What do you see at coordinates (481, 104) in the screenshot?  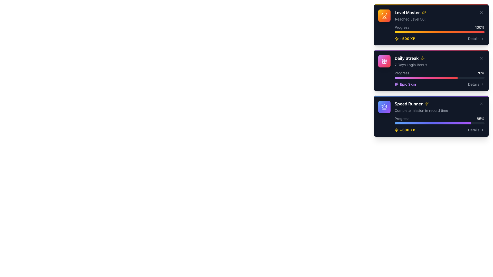 I see `the small, round button with a dark background and white 'X' icon located at the top-right corner of the 'Speed Runner' card` at bounding box center [481, 104].